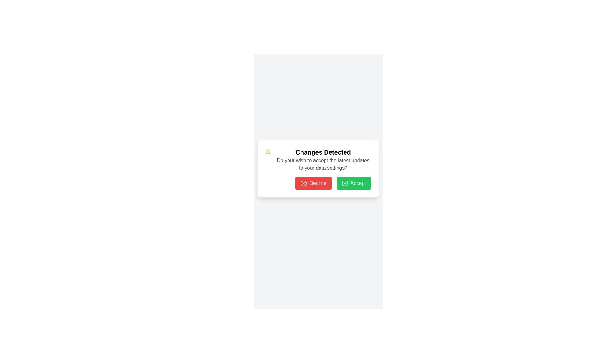  Describe the element at coordinates (344, 183) in the screenshot. I see `the appearance of the circular graphical icon segment located near the top-left corner of the dialog box, adjacent to the text heading 'Changes Detected'` at that location.